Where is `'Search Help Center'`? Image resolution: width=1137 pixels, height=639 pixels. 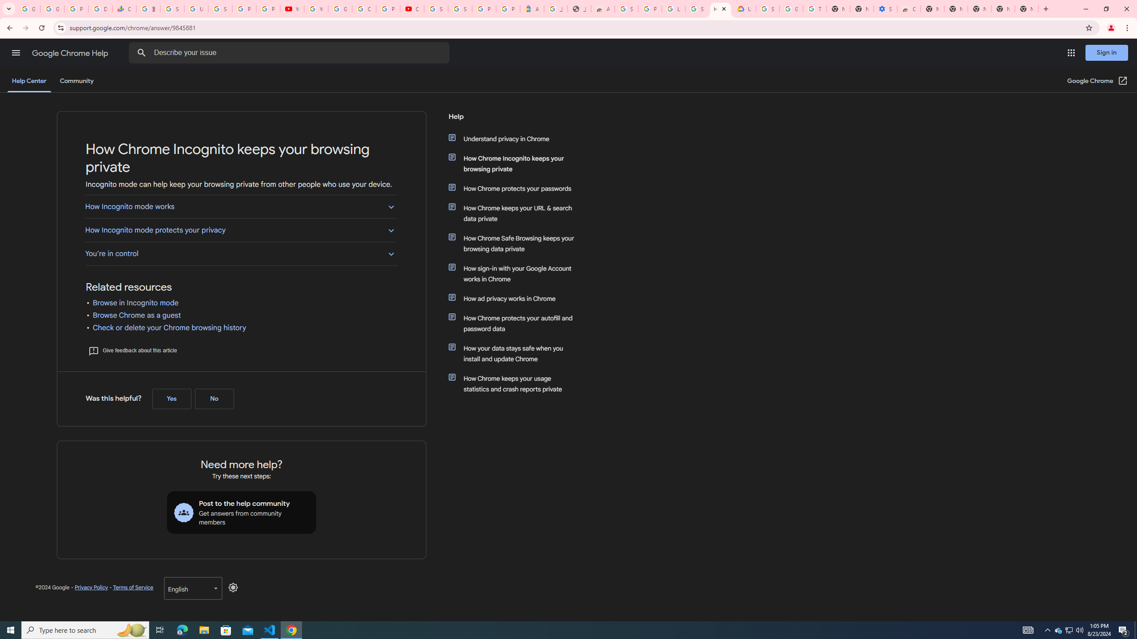 'Search Help Center' is located at coordinates (141, 52).